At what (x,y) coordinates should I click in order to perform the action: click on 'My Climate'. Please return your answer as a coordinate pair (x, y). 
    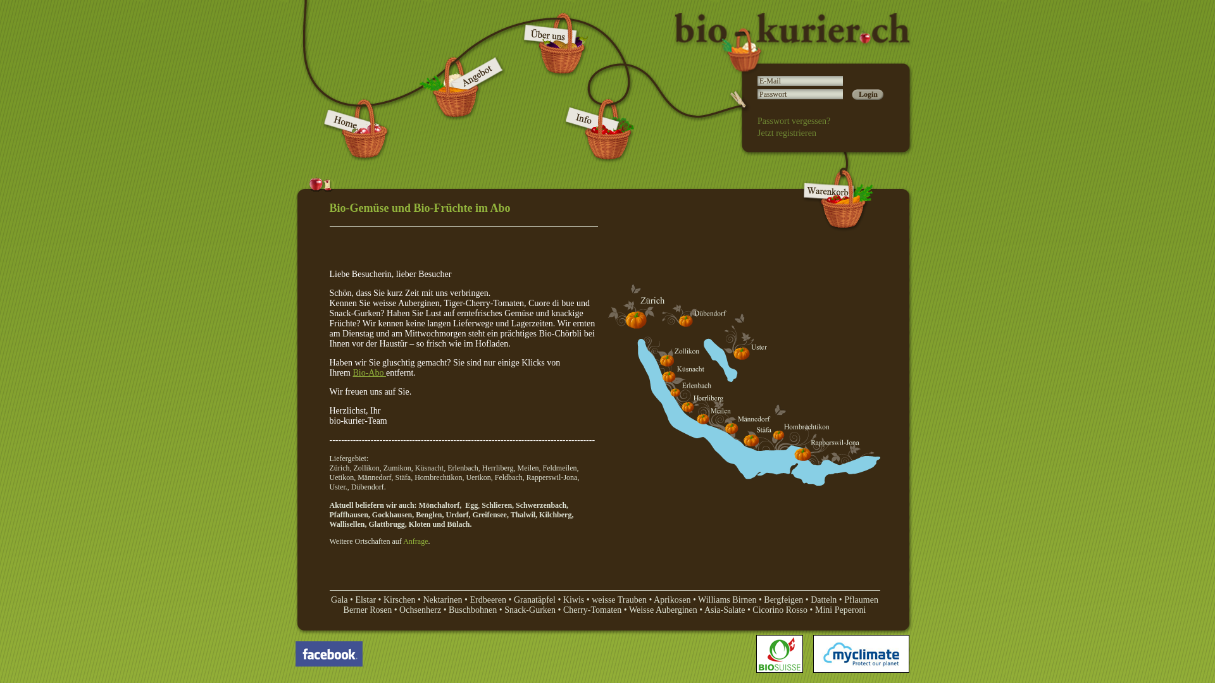
    Looking at the image, I should click on (865, 669).